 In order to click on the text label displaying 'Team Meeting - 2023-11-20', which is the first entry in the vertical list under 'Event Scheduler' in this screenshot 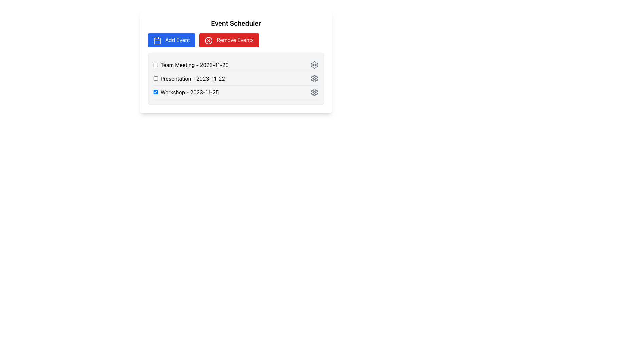, I will do `click(194, 65)`.